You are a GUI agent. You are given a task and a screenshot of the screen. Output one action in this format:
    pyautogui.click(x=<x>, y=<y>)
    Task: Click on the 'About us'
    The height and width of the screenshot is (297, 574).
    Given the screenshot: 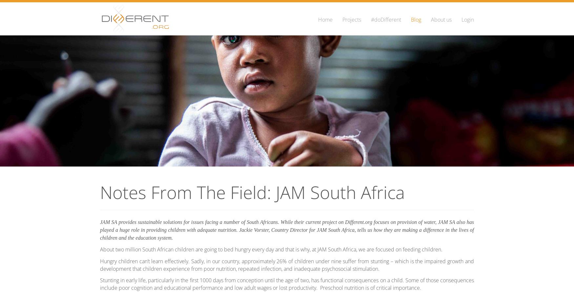 What is the action you would take?
    pyautogui.click(x=441, y=19)
    